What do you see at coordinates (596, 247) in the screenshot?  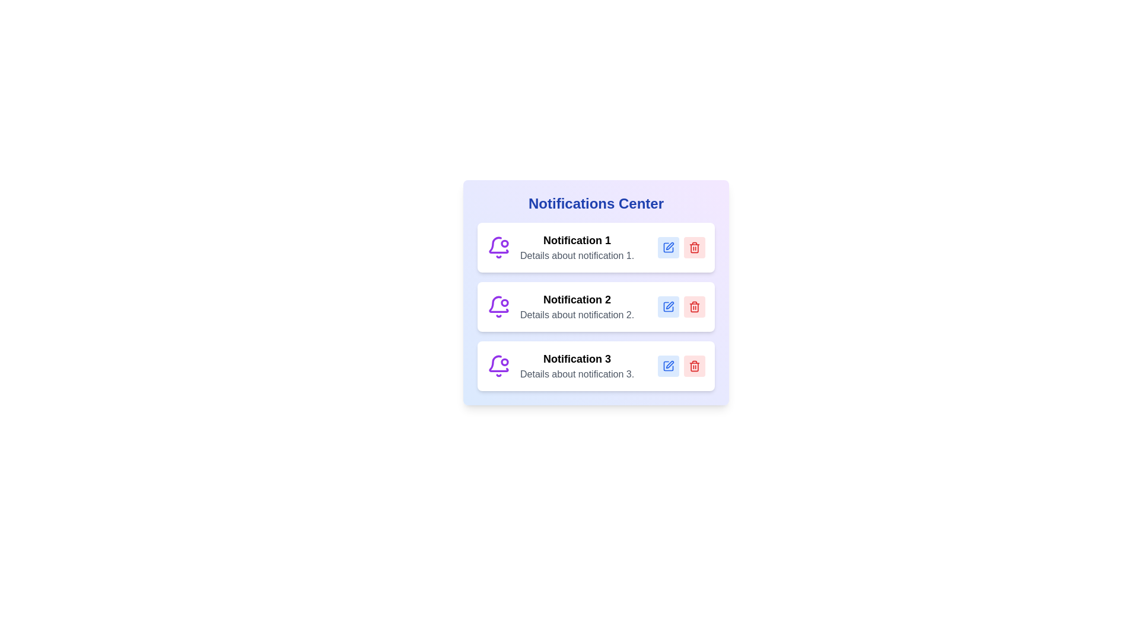 I see `the Notification card displaying 'Notification 1', which is the first item in the vertical list of notifications in the notification center` at bounding box center [596, 247].